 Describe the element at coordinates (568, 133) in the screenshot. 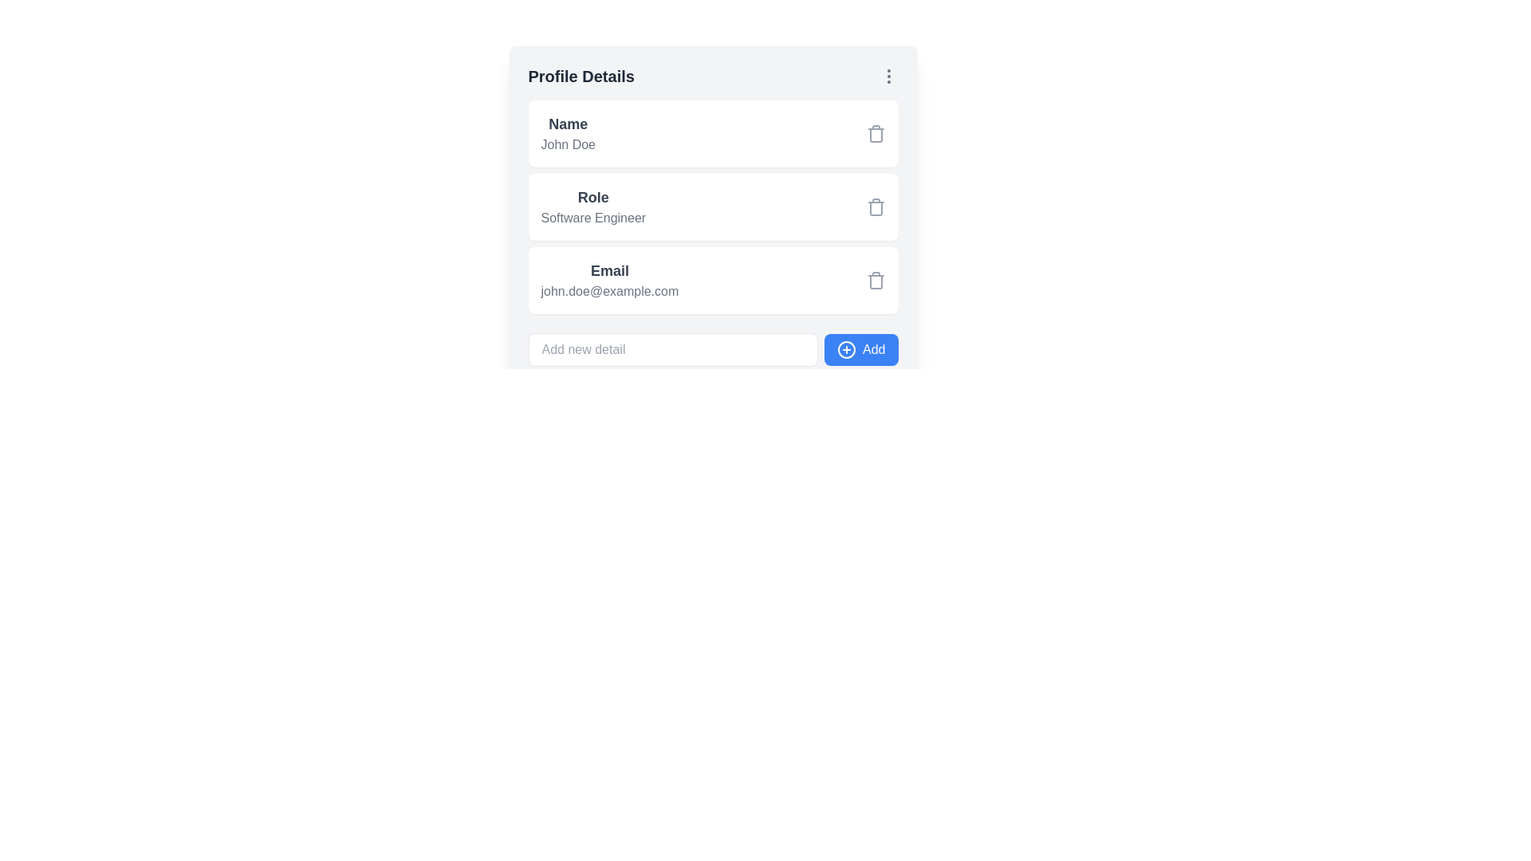

I see `the Text display element showing the user's name in the profile details section, located near the top of the user interface, left-aligned in the first row of profile details, preceded by the label 'Profile Details.'` at that location.